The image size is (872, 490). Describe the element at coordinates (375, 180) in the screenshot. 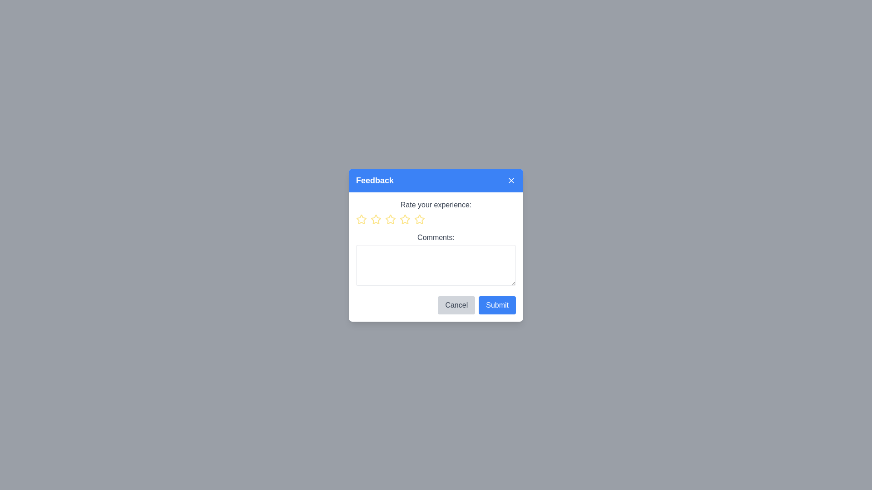

I see `the static text label that serves as the header for the dialog window, located at the top-left corner of the dialog box` at that location.